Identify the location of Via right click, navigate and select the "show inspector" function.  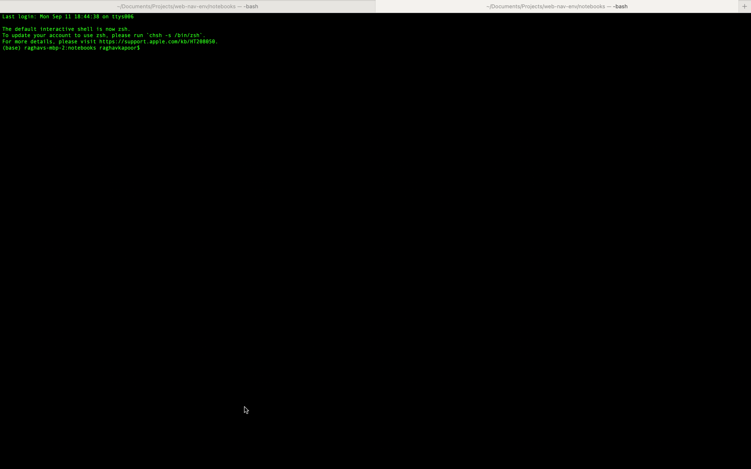
(376, 261).